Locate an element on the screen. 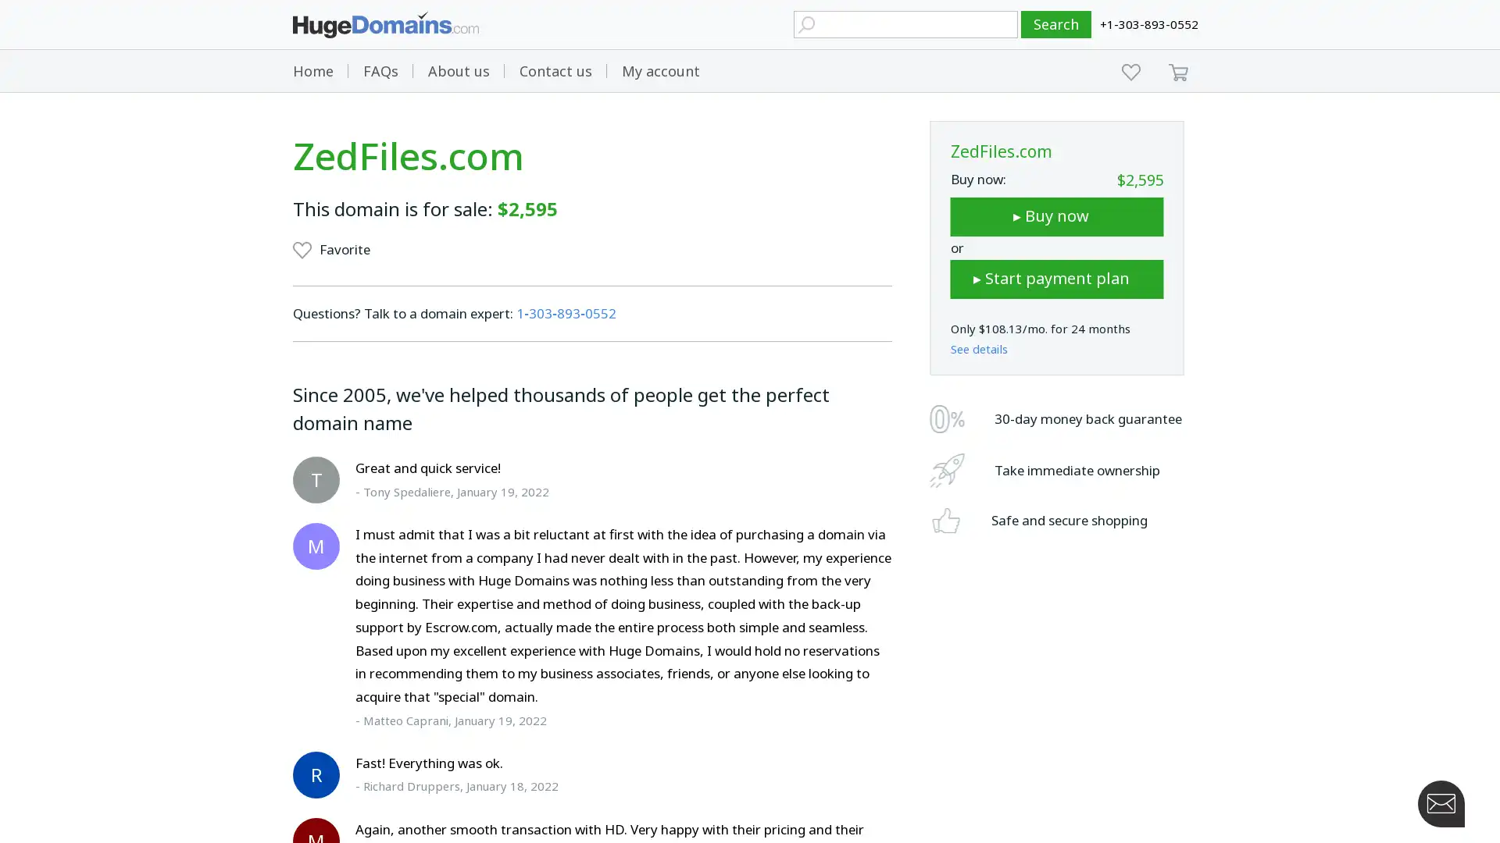 The width and height of the screenshot is (1500, 843). Search is located at coordinates (1056, 24).